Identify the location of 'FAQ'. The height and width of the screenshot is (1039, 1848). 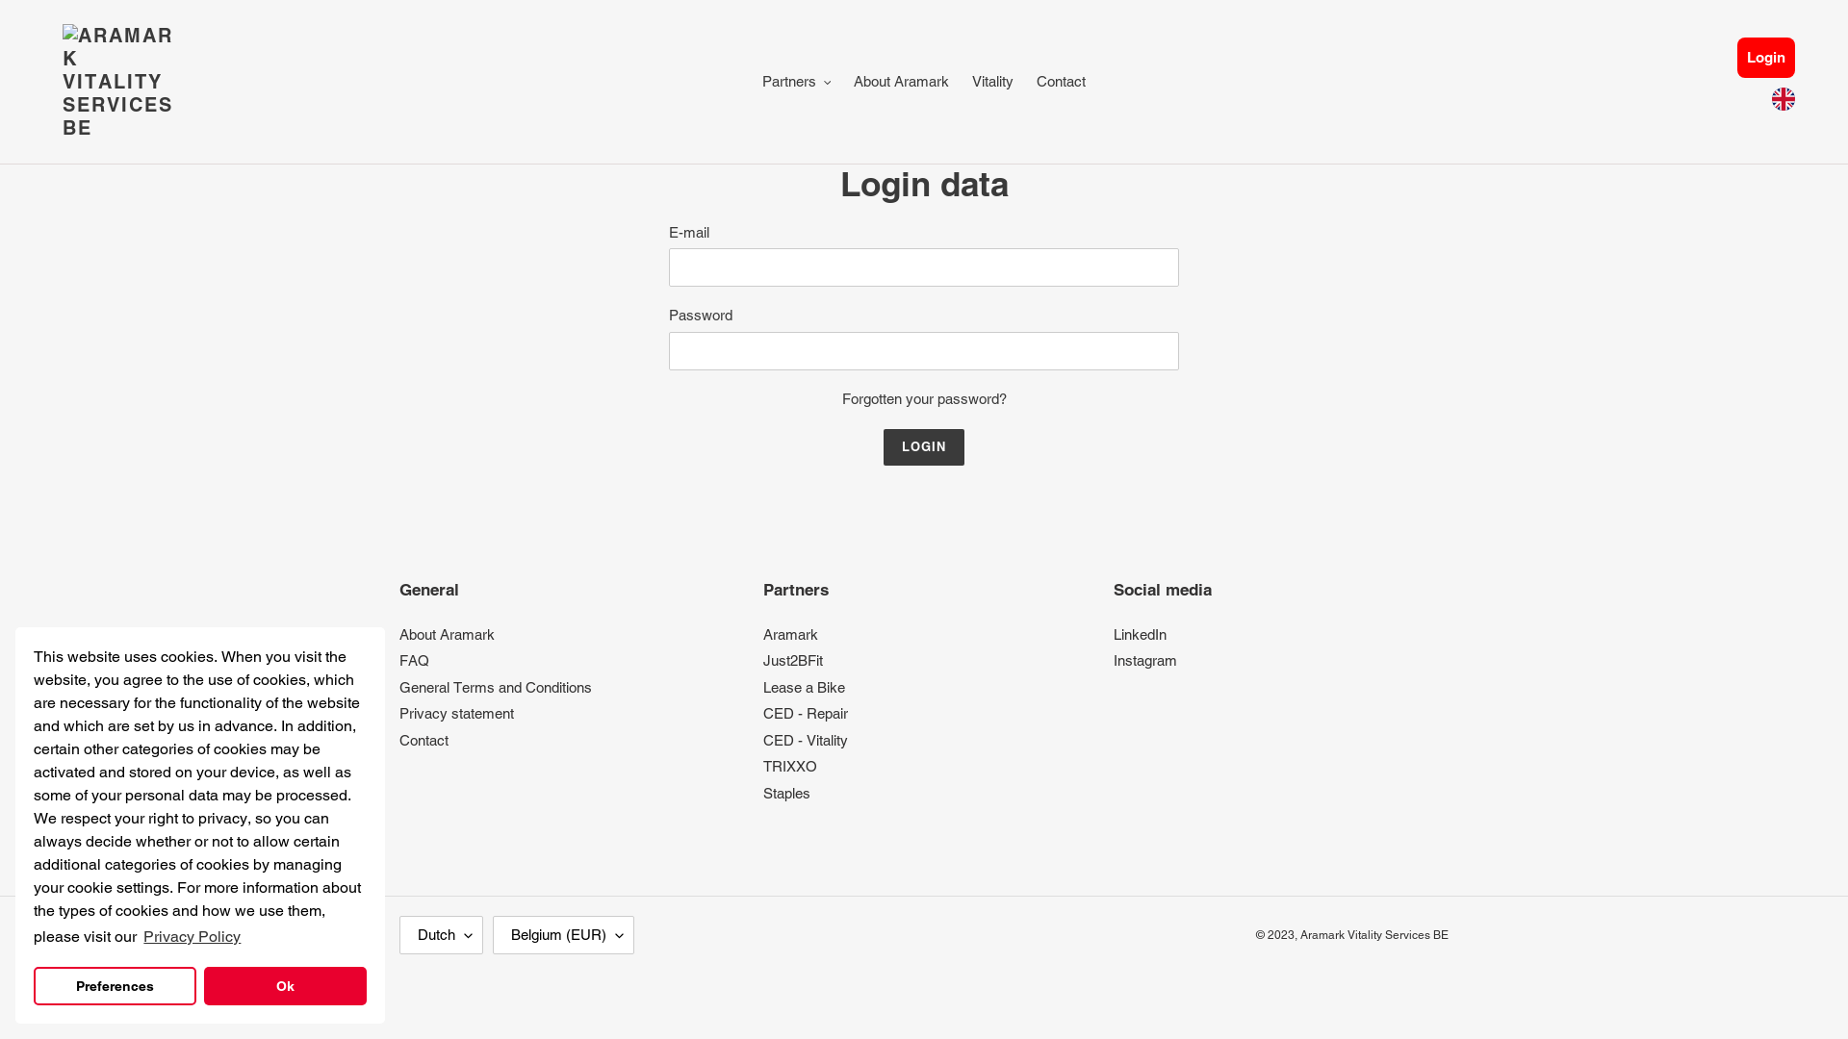
(413, 659).